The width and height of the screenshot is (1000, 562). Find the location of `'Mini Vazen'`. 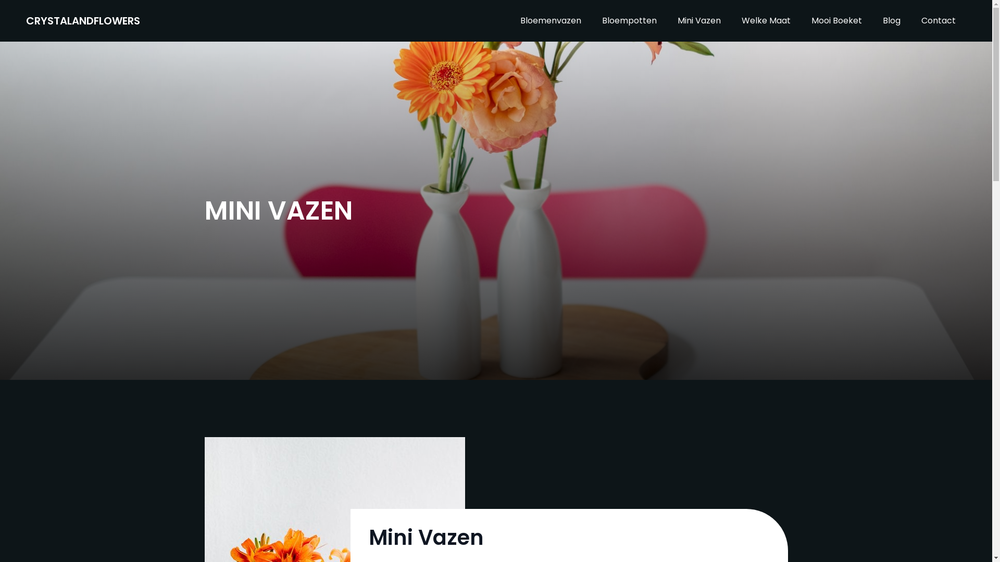

'Mini Vazen' is located at coordinates (699, 20).